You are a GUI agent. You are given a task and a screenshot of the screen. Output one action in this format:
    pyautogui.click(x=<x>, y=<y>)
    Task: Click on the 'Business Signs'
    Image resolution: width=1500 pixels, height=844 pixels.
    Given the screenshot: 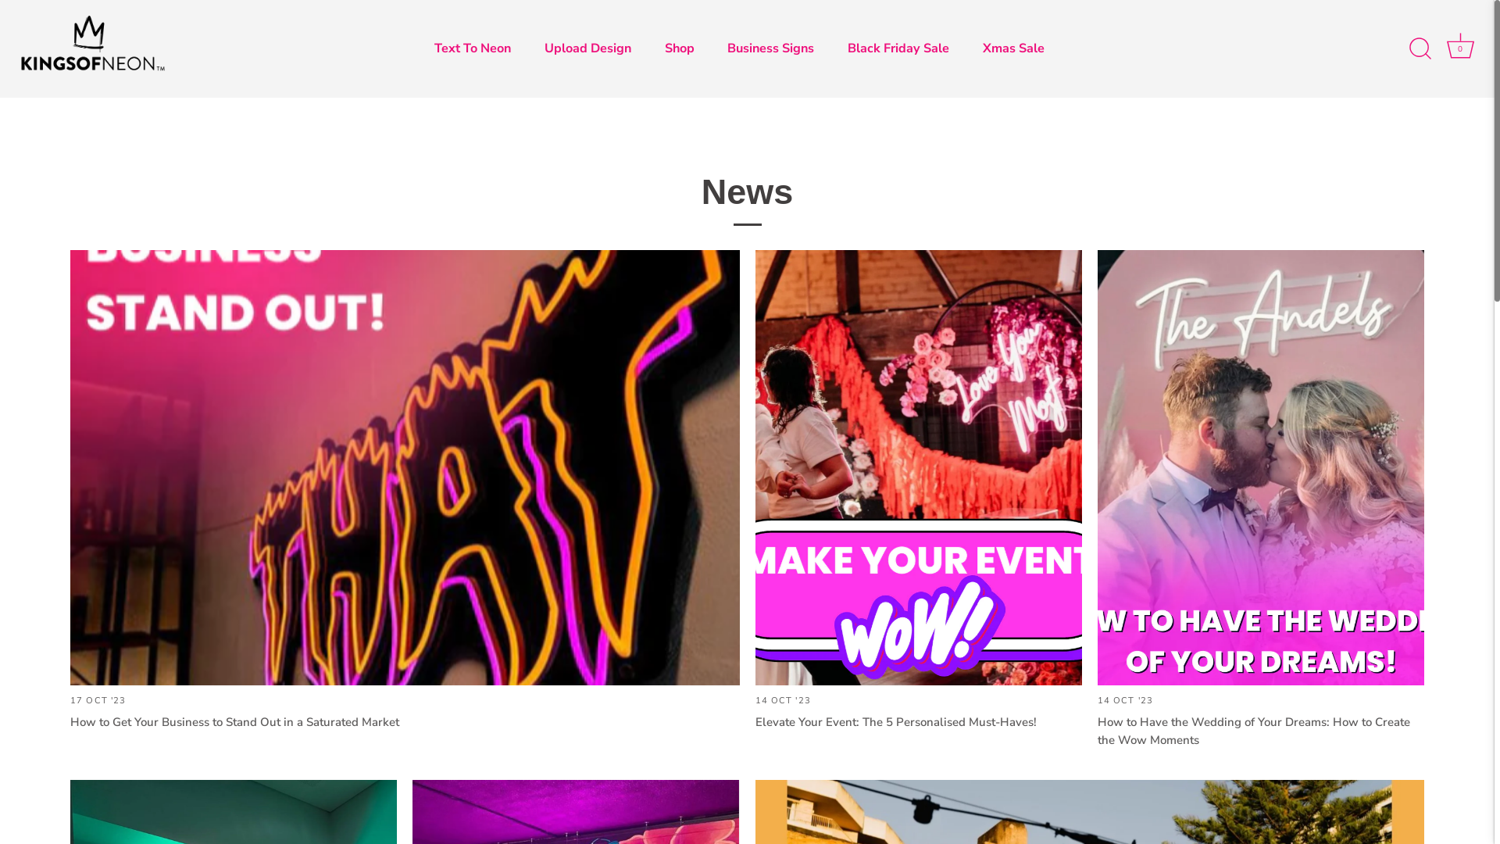 What is the action you would take?
    pyautogui.click(x=771, y=48)
    